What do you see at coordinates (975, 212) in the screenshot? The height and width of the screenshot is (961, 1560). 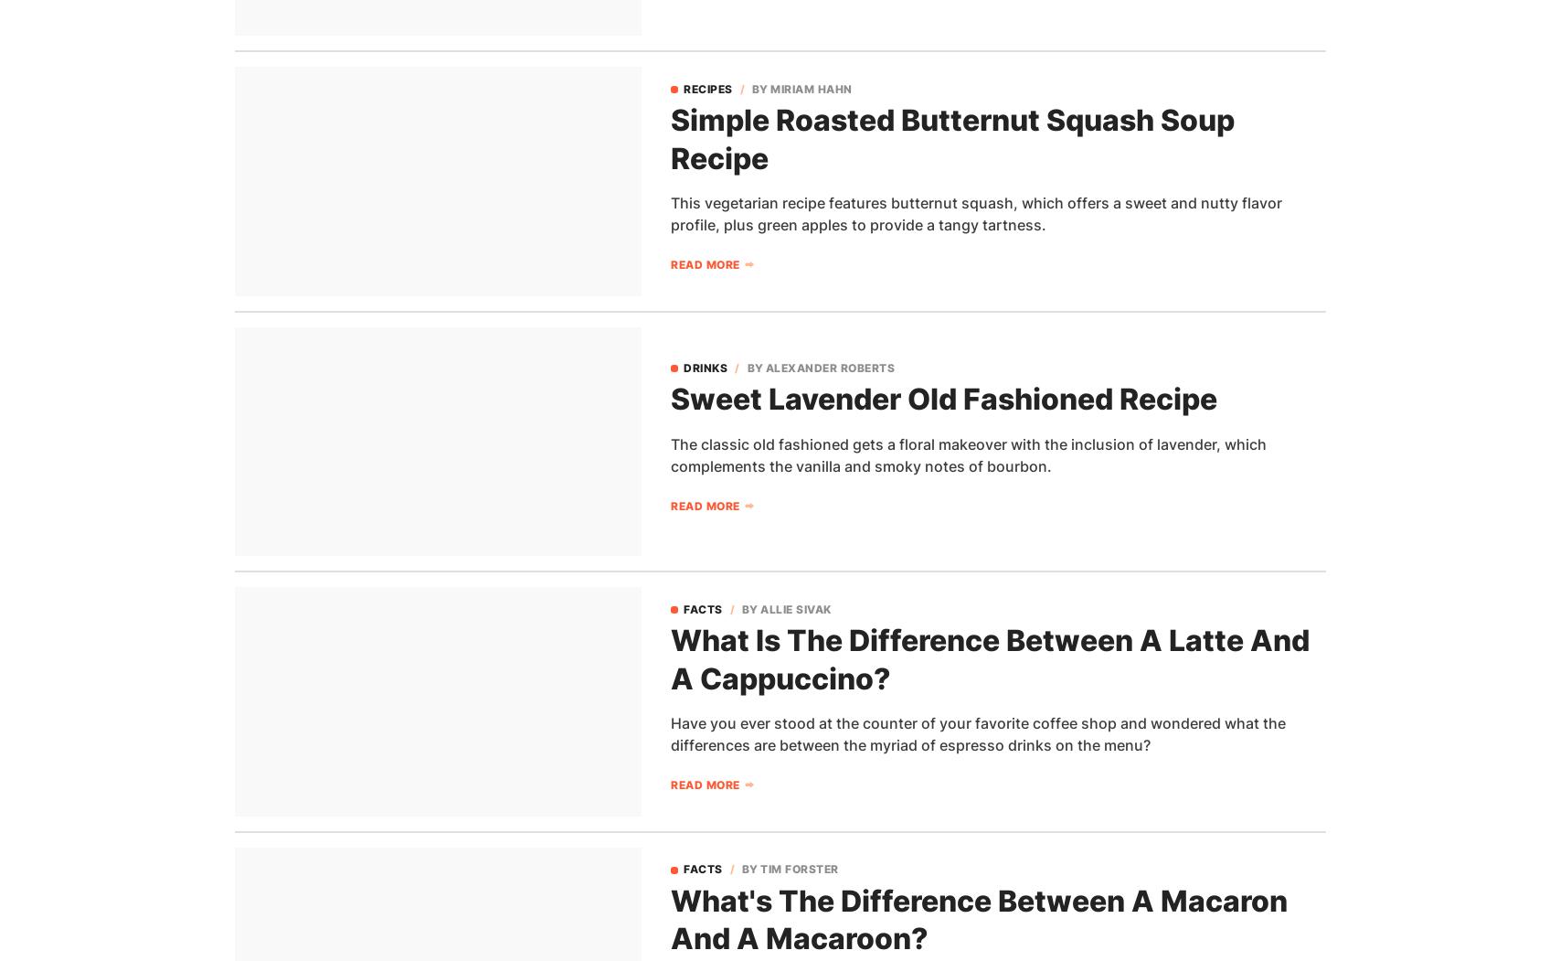 I see `'This vegetarian recipe features butternut squash, which offers a sweet and nutty flavor profile, plus green apples to provide a tangy tartness.'` at bounding box center [975, 212].